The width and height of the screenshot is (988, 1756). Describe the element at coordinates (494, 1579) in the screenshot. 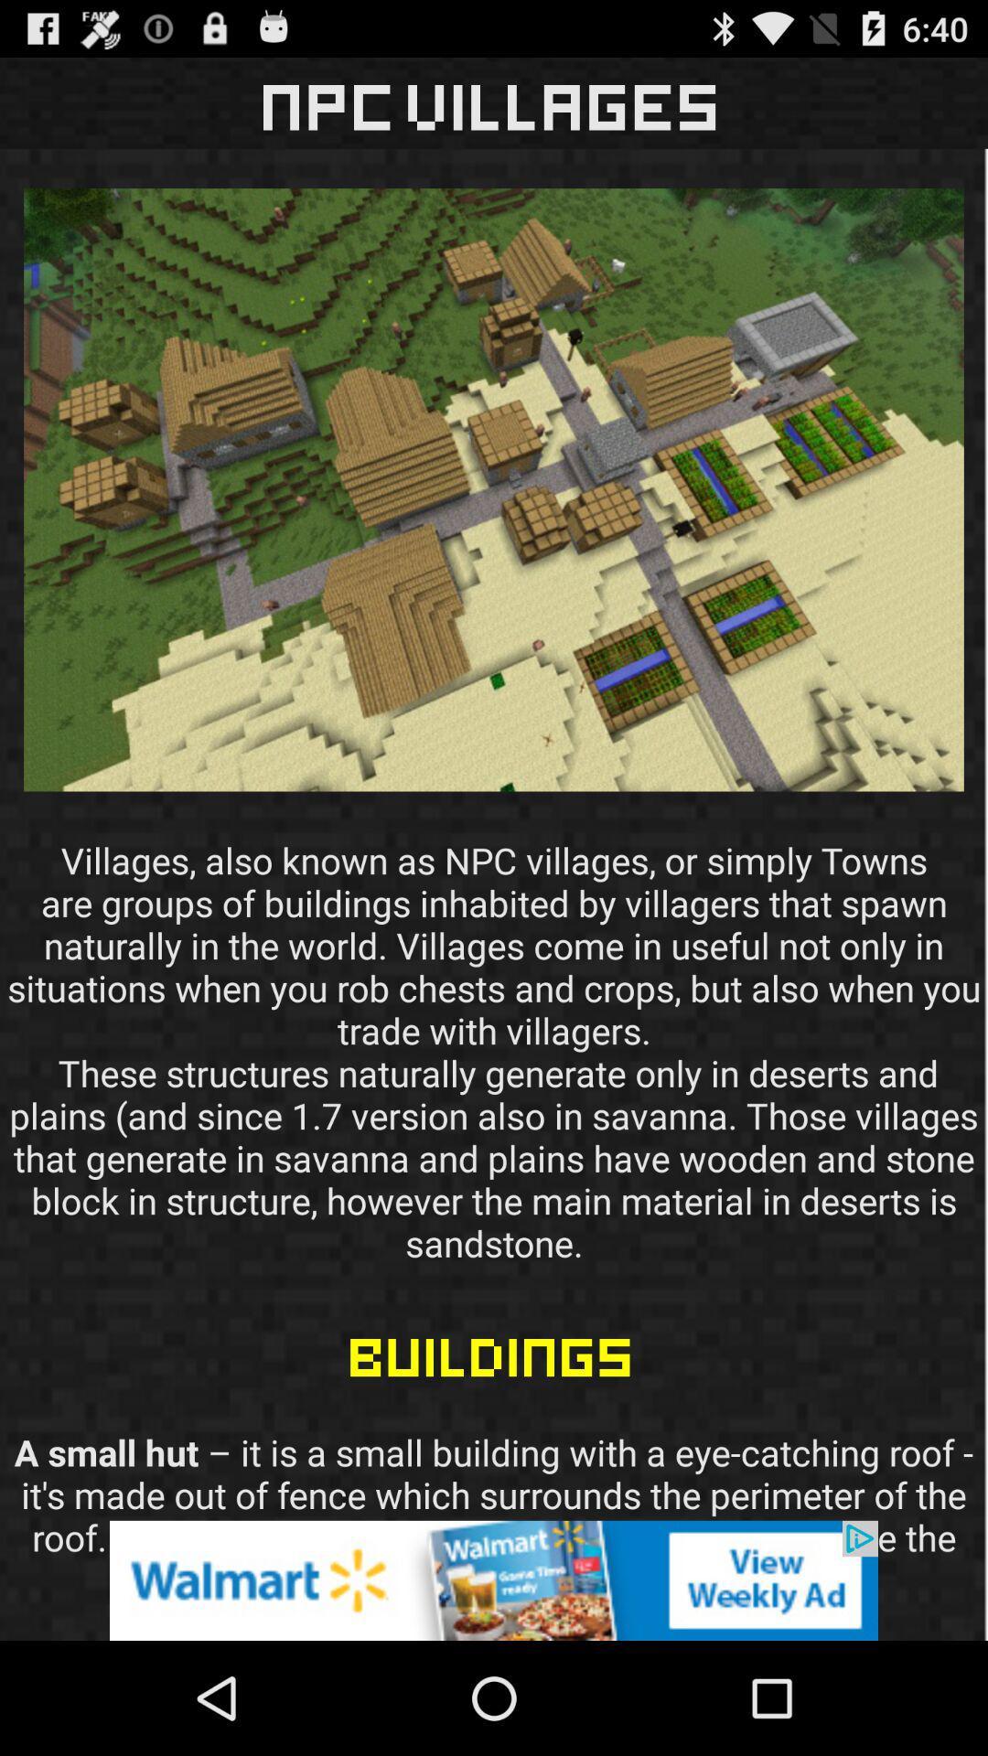

I see `the walmart homepage` at that location.